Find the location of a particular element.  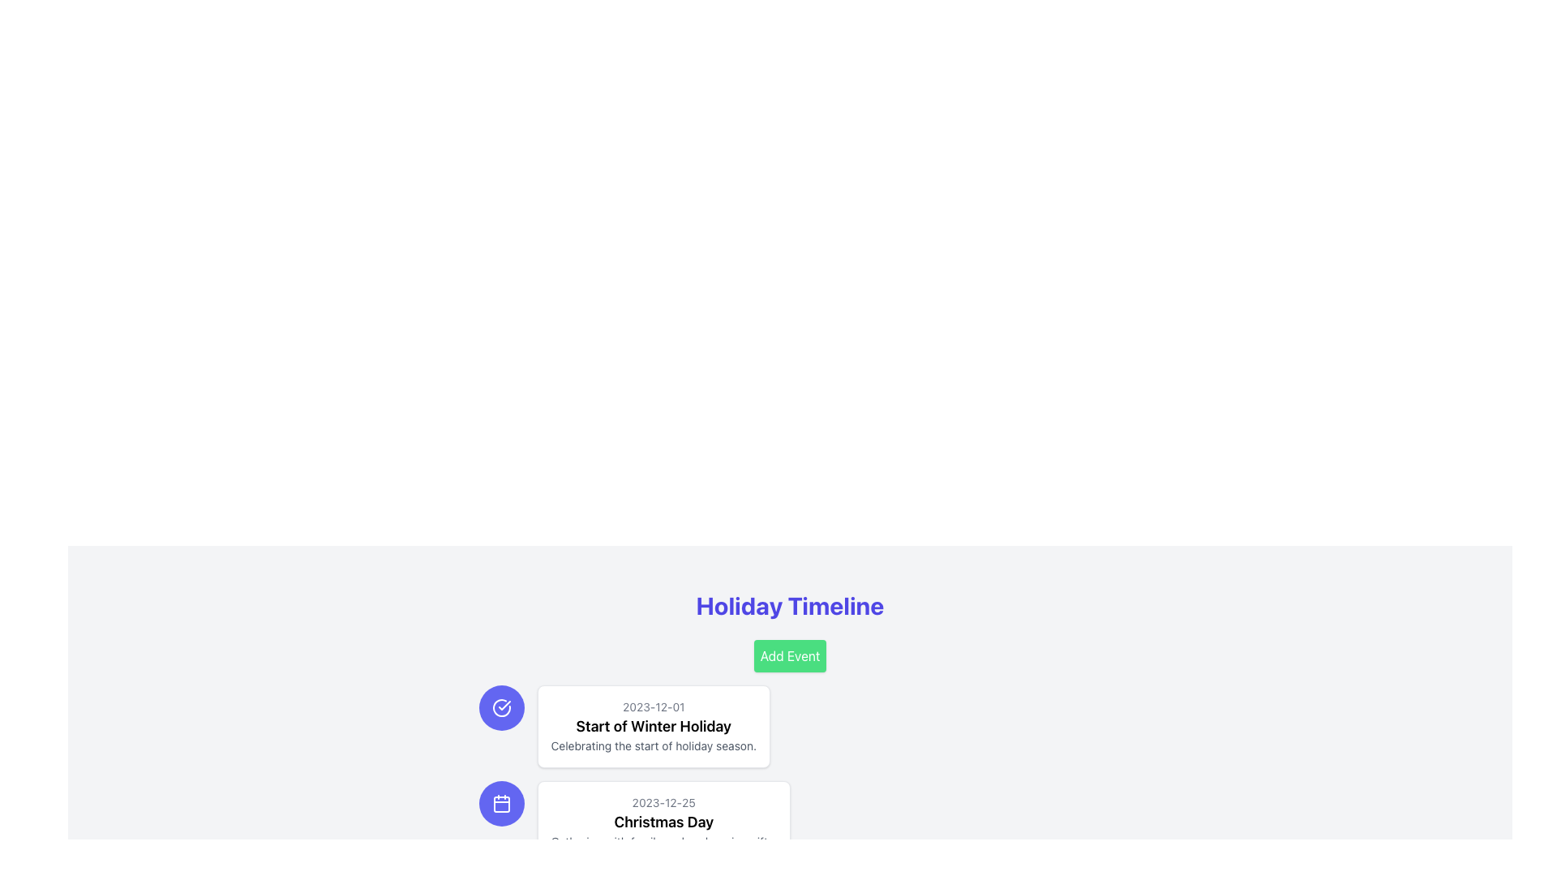

the heading that indicates the subject of the holiday timeline, positioned above the green 'Add Event' button is located at coordinates (790, 606).